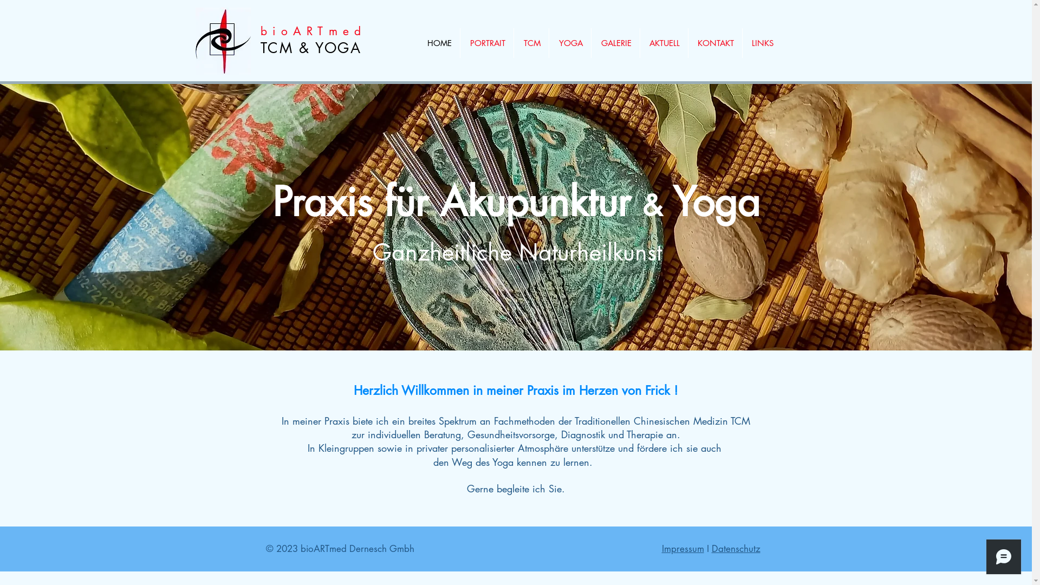 The image size is (1040, 585). Describe the element at coordinates (682, 549) in the screenshot. I see `'Impressum'` at that location.